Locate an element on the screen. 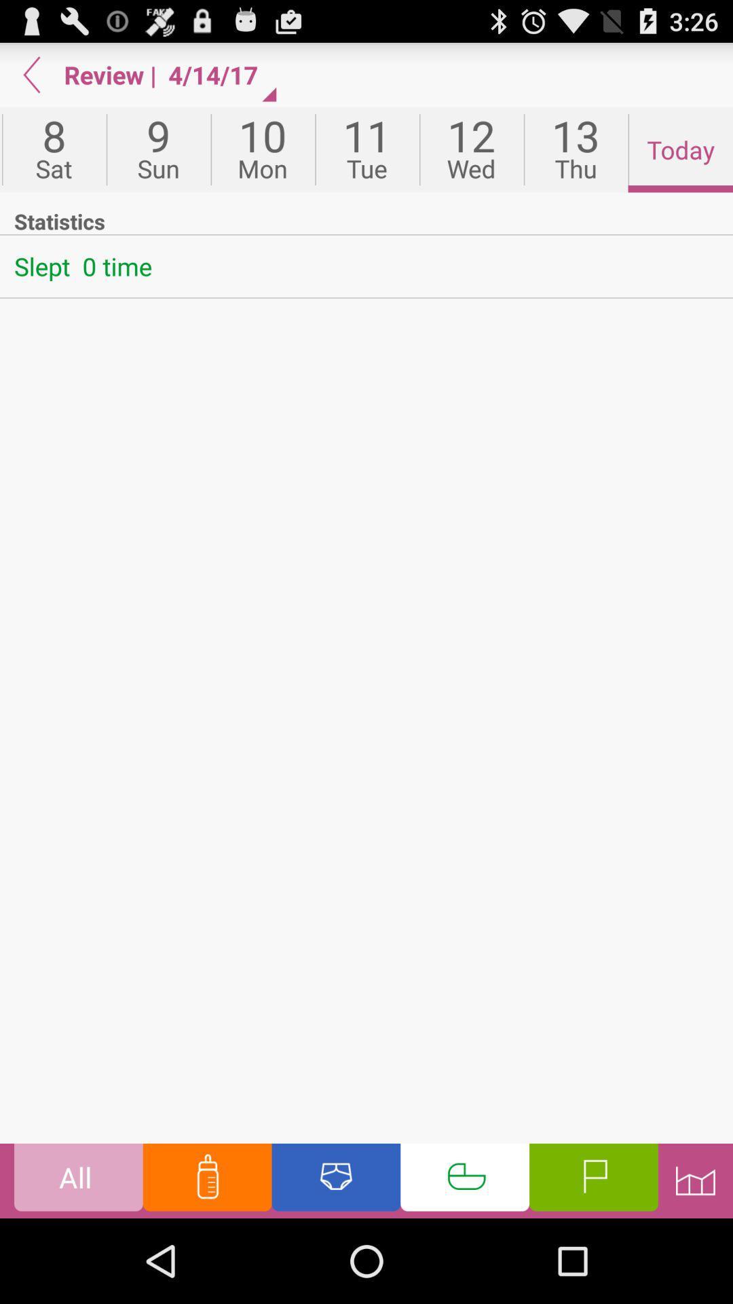 The height and width of the screenshot is (1304, 733). the sun item is located at coordinates (157, 149).